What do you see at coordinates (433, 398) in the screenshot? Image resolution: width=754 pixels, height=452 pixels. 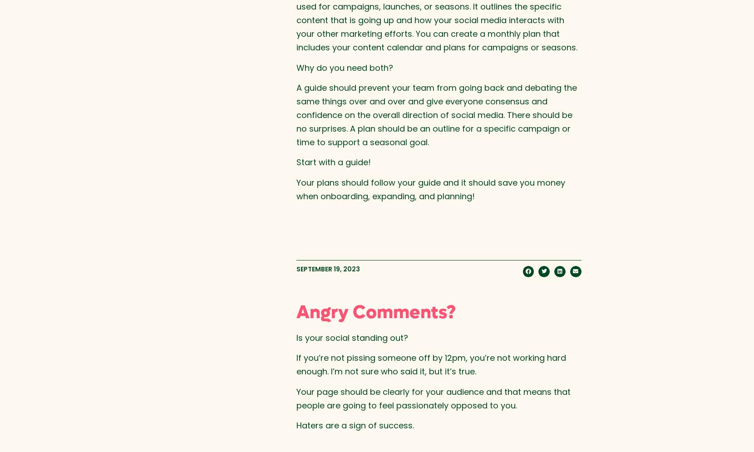 I see `'Your page should be clearly for your audience and that means that people are going to feel passionately opposed to you.'` at bounding box center [433, 398].